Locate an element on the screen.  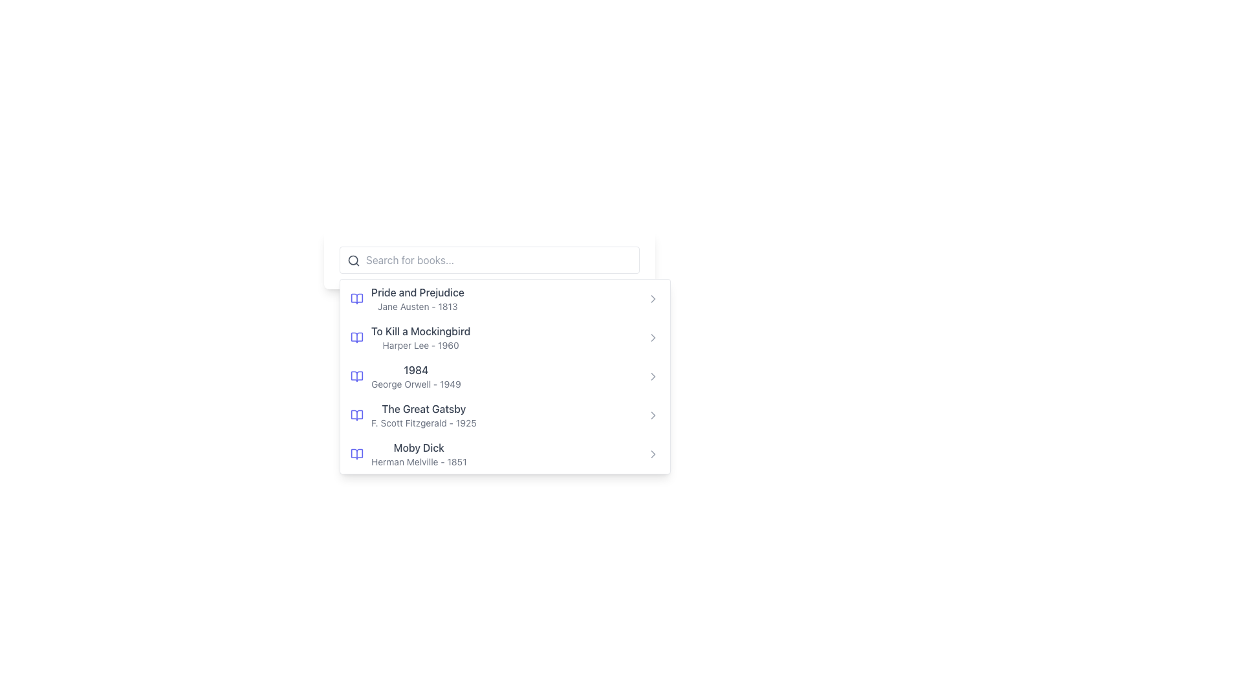
the right-pointing chevron icon with a gray stroke located to the right of the list item labeled 'Pride and Prejudice - Jane Austen - 1813' is located at coordinates (653, 299).